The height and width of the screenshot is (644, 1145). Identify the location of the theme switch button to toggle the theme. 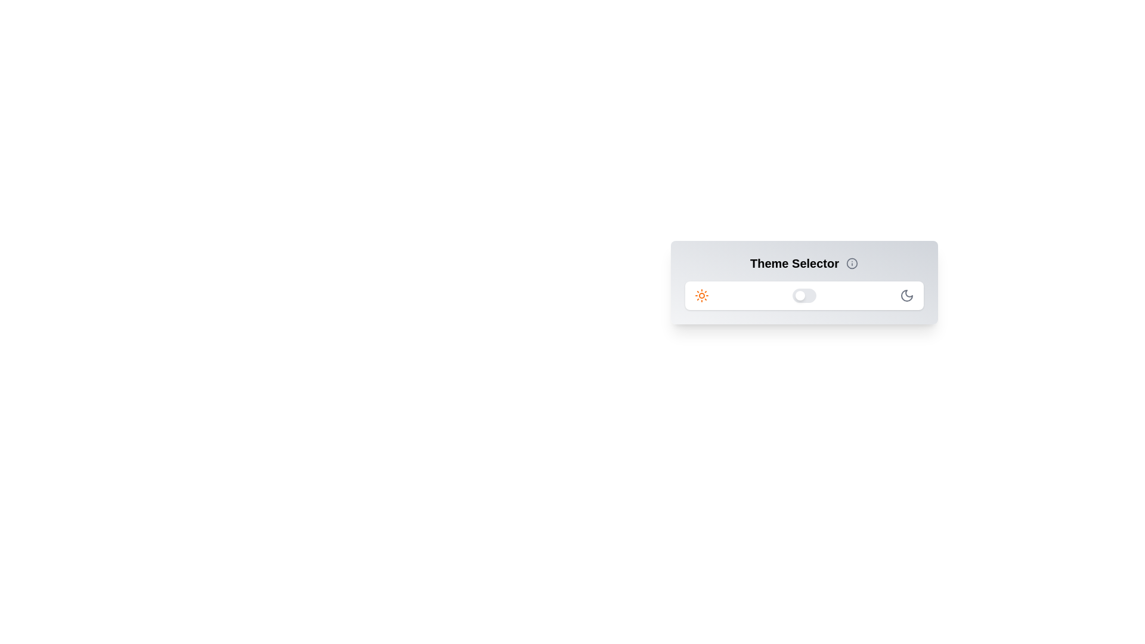
(804, 295).